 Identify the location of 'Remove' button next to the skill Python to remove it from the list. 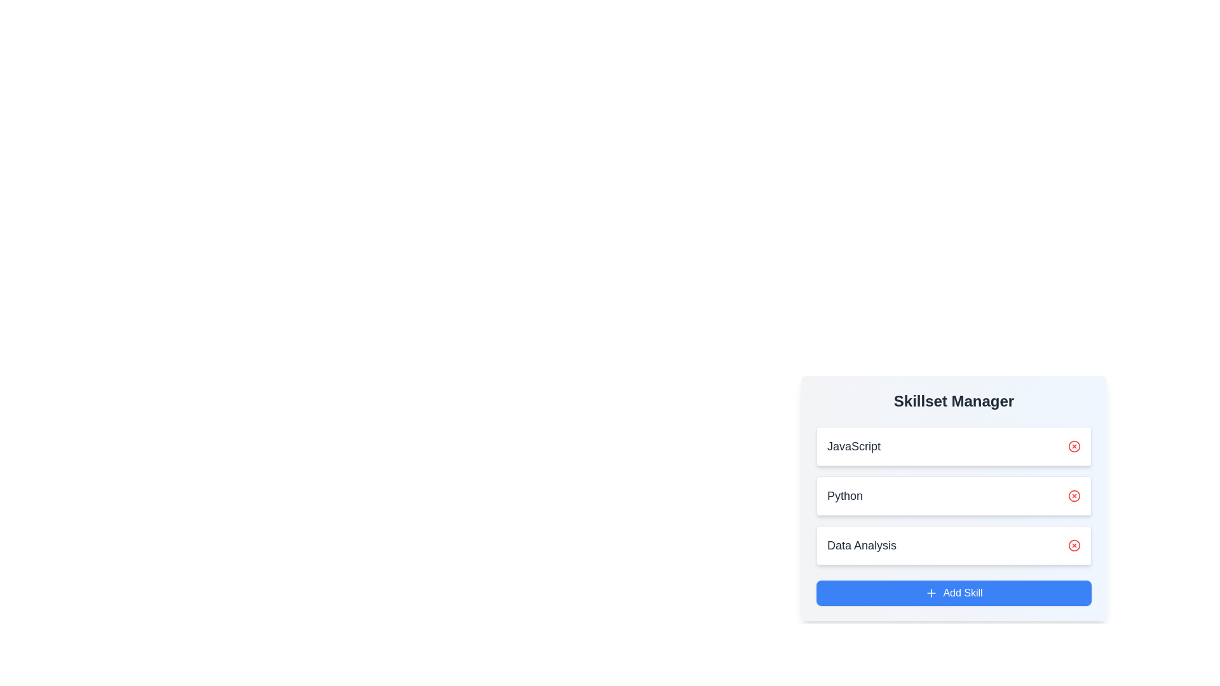
(1073, 495).